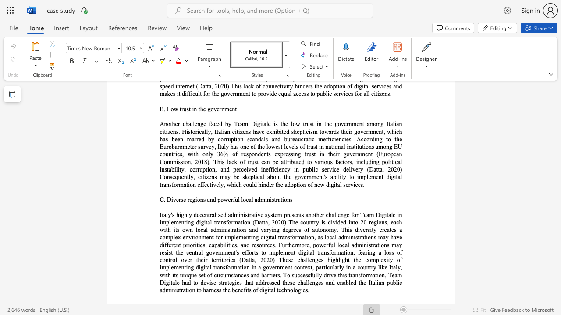 The height and width of the screenshot is (315, 561). Describe the element at coordinates (302, 259) in the screenshot. I see `the 3th character "h" in the text` at that location.